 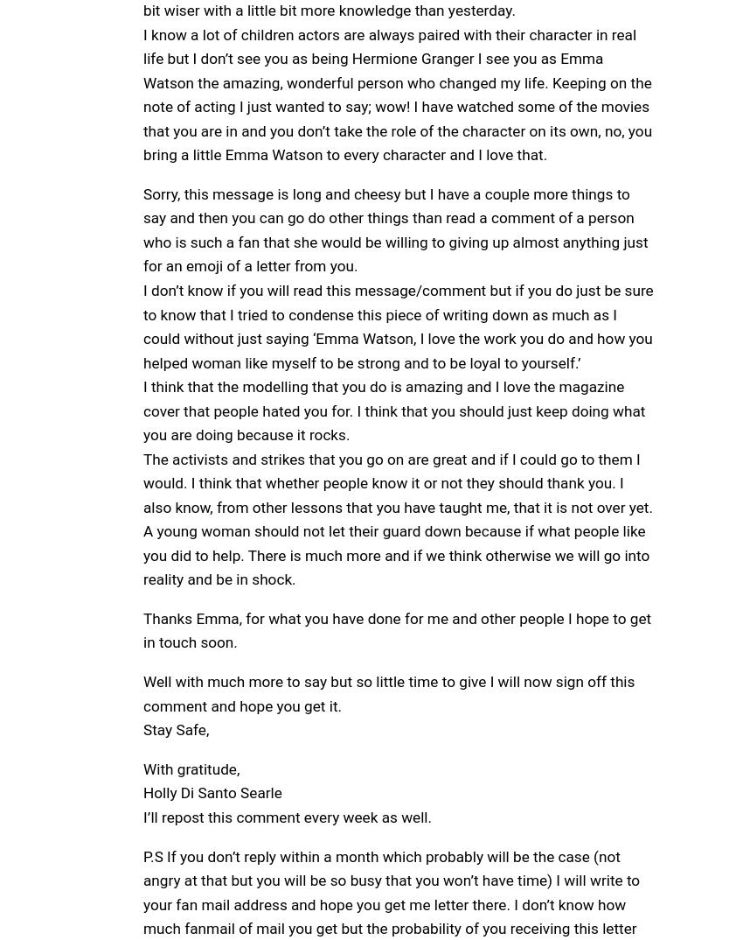 What do you see at coordinates (175, 729) in the screenshot?
I see `'Stay Safe,'` at bounding box center [175, 729].